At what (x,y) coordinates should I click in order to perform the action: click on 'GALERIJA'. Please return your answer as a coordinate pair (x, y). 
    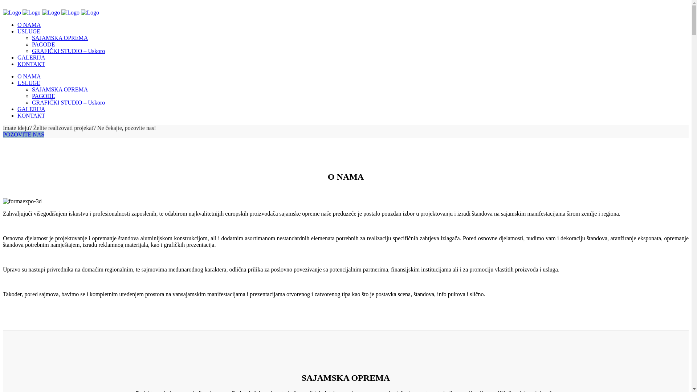
    Looking at the image, I should click on (31, 109).